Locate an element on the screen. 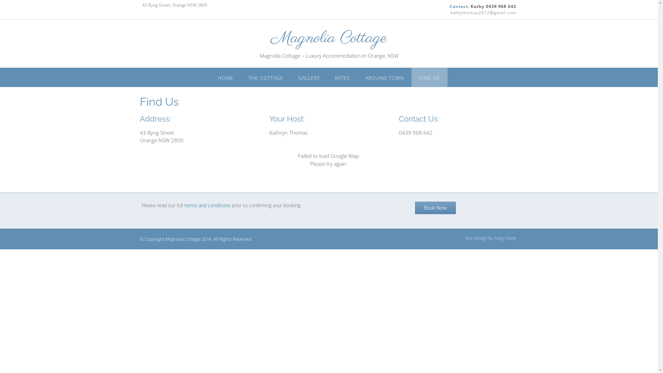 The width and height of the screenshot is (663, 373). 'Book Now' is located at coordinates (435, 207).